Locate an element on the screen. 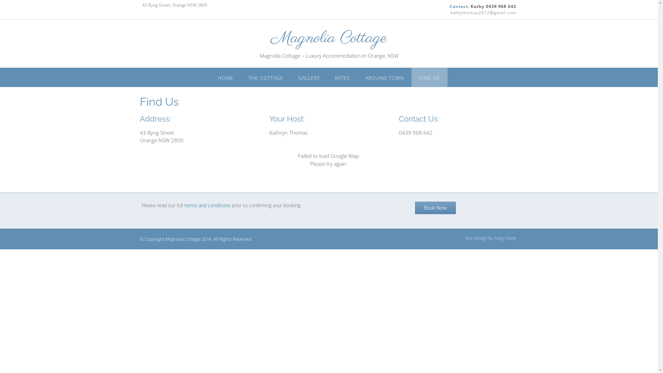 The width and height of the screenshot is (663, 373). 'Book Now' is located at coordinates (435, 207).